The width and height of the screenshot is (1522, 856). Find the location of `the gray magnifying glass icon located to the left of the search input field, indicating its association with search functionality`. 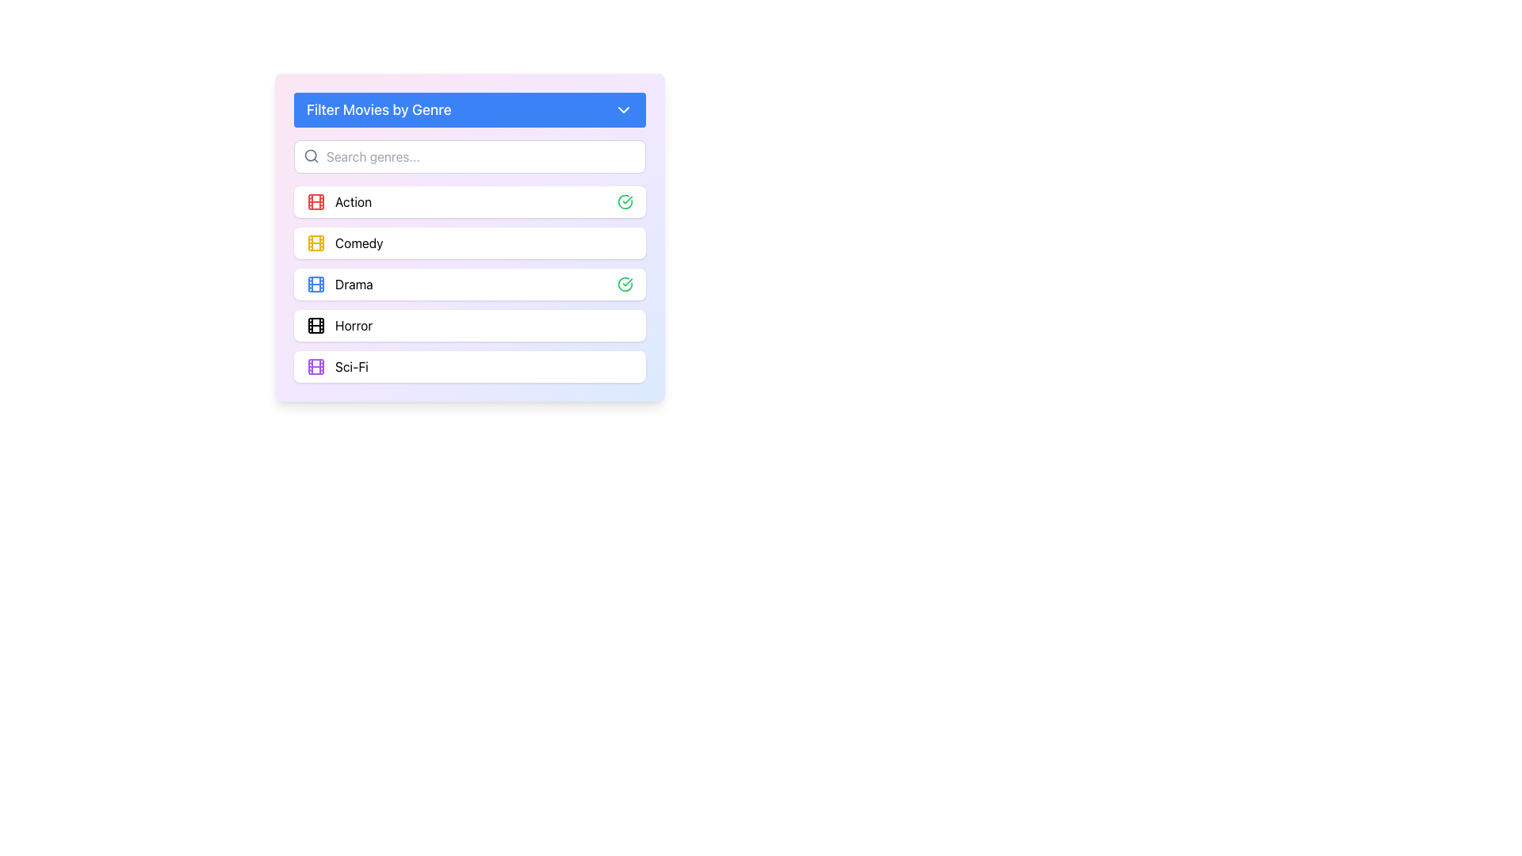

the gray magnifying glass icon located to the left of the search input field, indicating its association with search functionality is located at coordinates (312, 155).